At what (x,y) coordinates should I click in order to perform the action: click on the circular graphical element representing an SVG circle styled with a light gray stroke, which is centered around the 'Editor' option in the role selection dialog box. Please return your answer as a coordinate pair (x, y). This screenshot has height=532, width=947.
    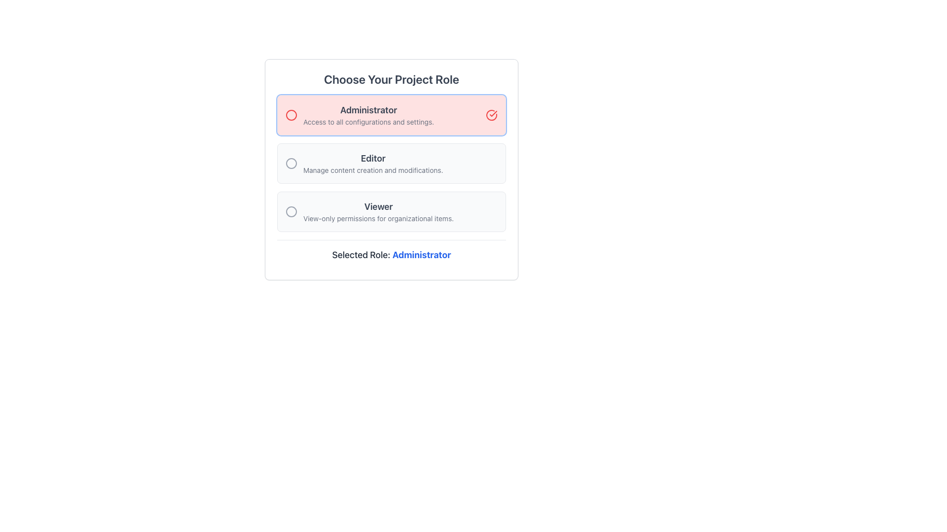
    Looking at the image, I should click on (291, 163).